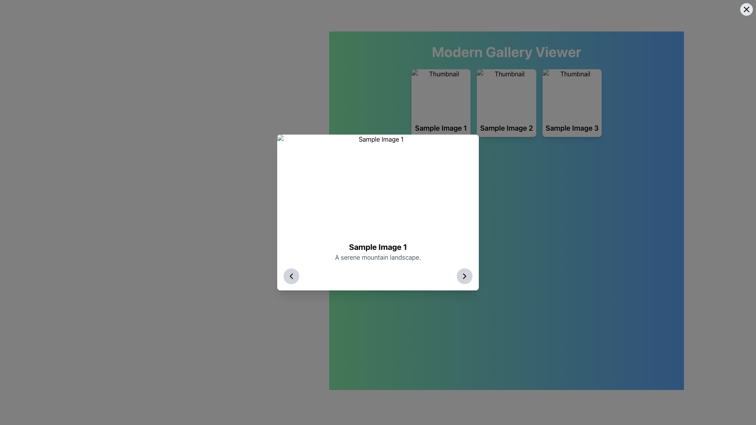 The height and width of the screenshot is (425, 756). I want to click on the header text element displaying 'Modern Gallery Viewer', which is prominently styled in a large, bold font and located at the top-center of the application interface, so click(506, 52).